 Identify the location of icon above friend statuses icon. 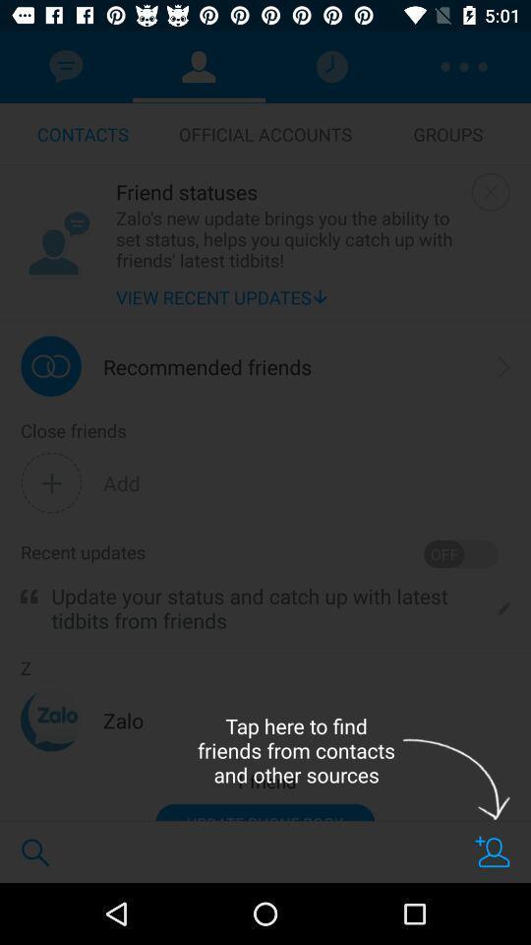
(265, 133).